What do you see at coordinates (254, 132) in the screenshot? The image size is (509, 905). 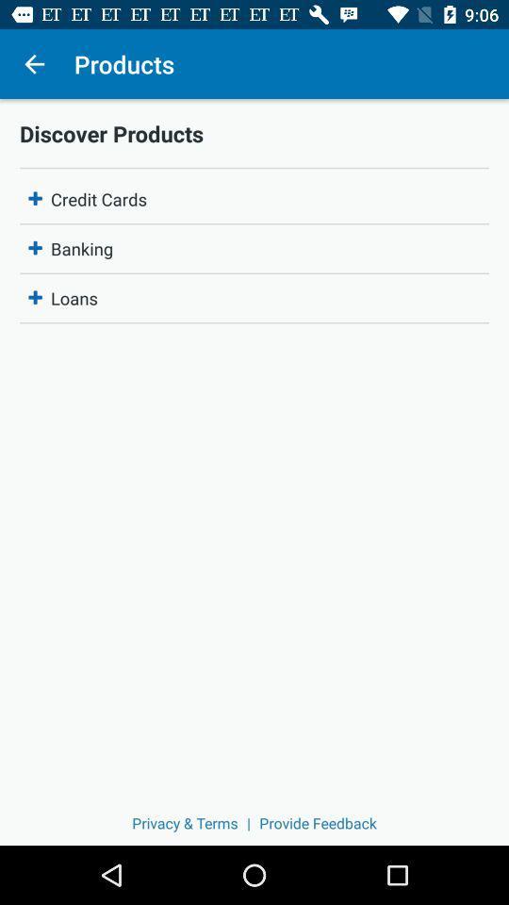 I see `the discover products icon` at bounding box center [254, 132].